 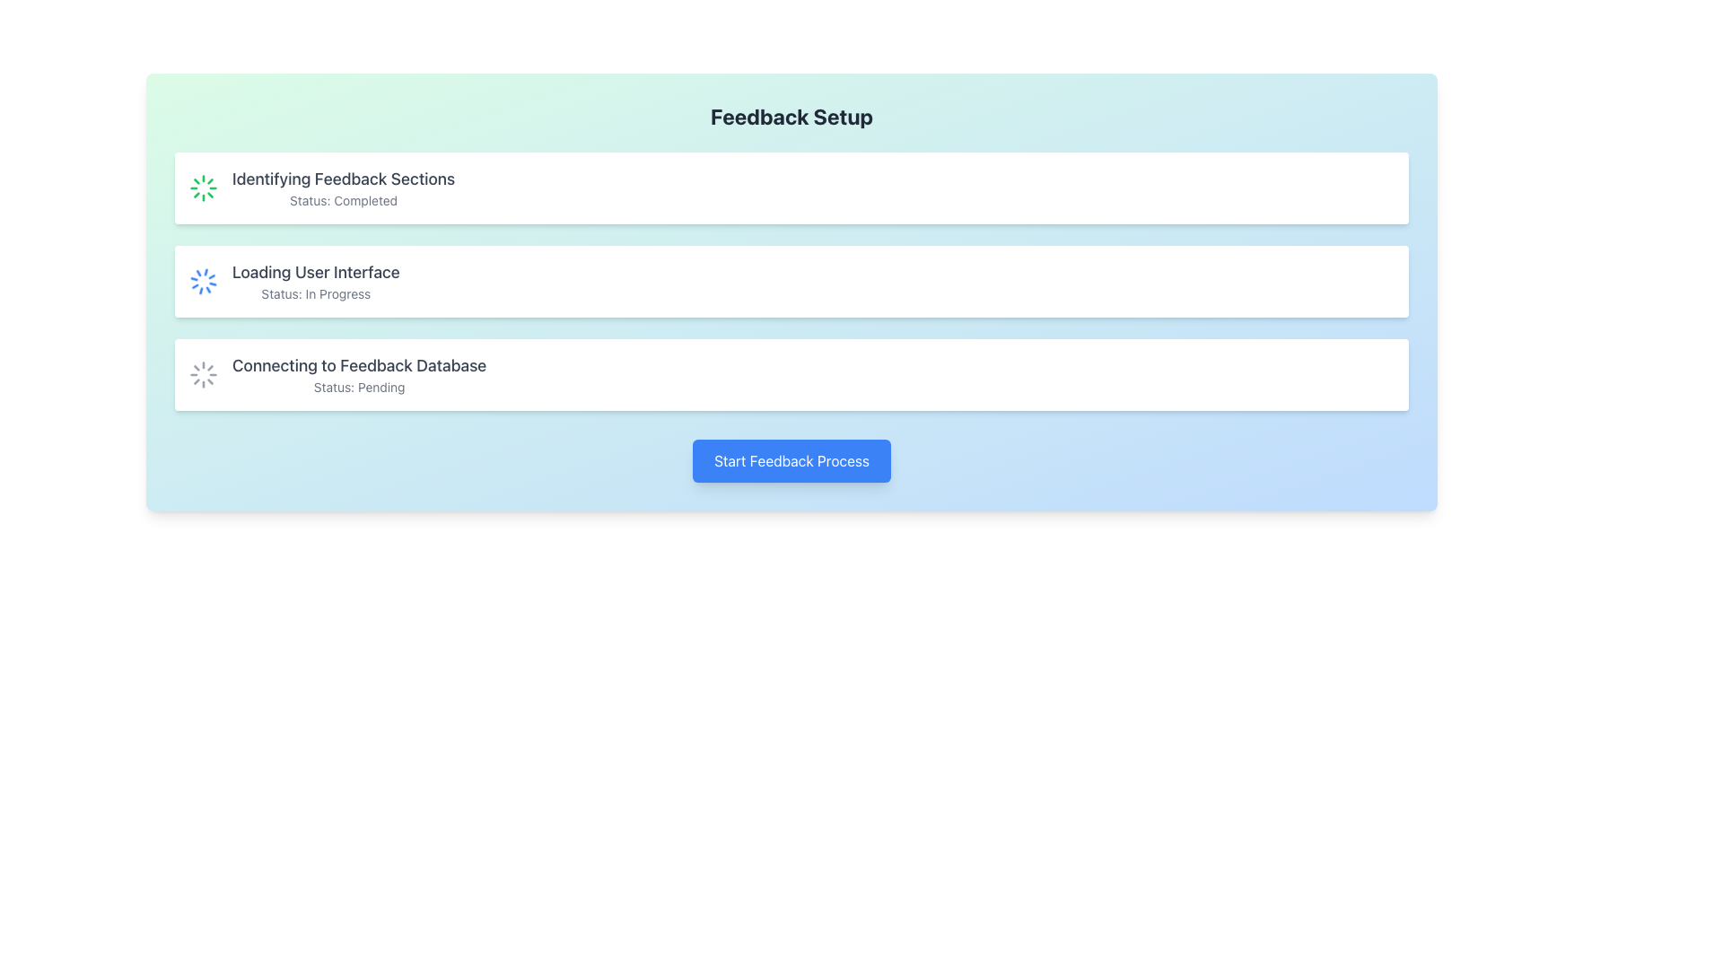 I want to click on the multi-line informational text block indicating 'Connecting to Feedback Database' which is currently in 'Pending' status, located in the third position of a vertical sequence of steps, so click(x=359, y=373).